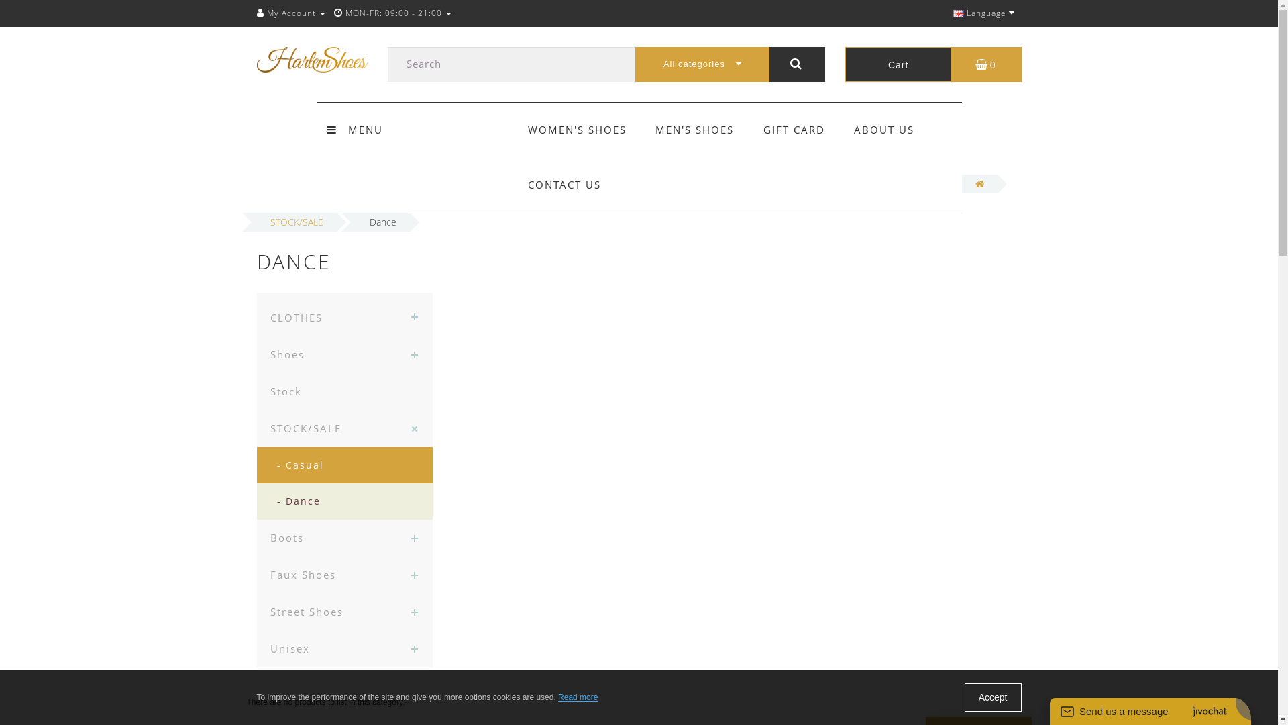 Image resolution: width=1288 pixels, height=725 pixels. I want to click on 'All categories', so click(701, 64).